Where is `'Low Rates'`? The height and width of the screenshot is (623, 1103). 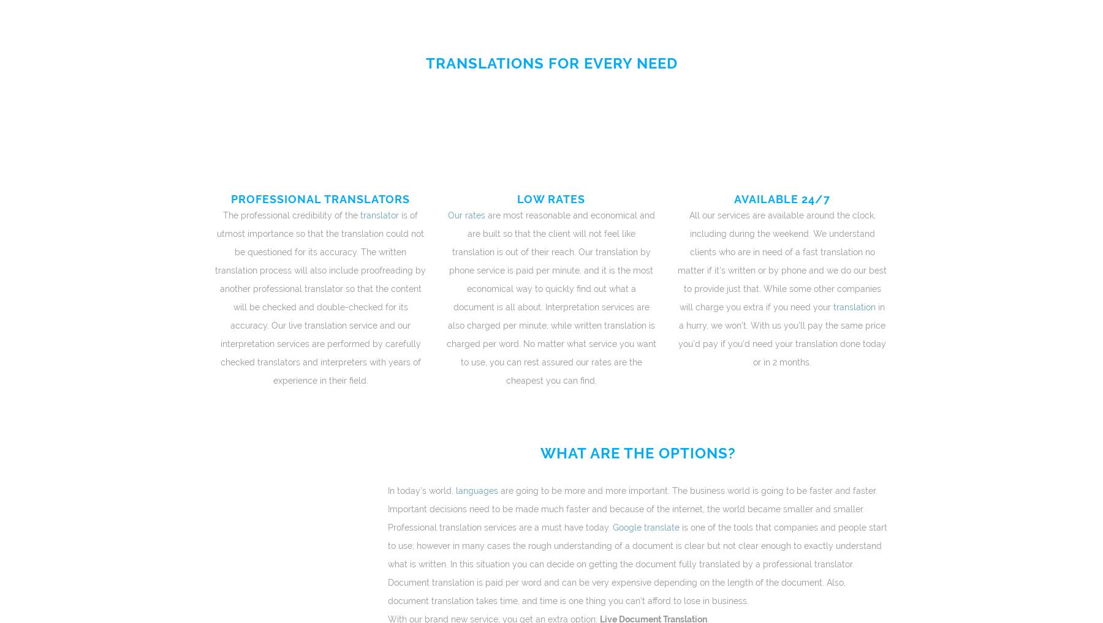 'Low Rates' is located at coordinates (517, 198).